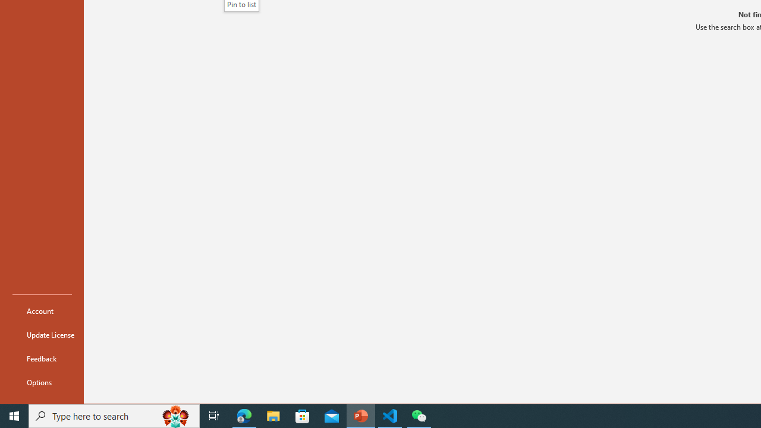 The image size is (761, 428). I want to click on 'Feedback', so click(42, 358).